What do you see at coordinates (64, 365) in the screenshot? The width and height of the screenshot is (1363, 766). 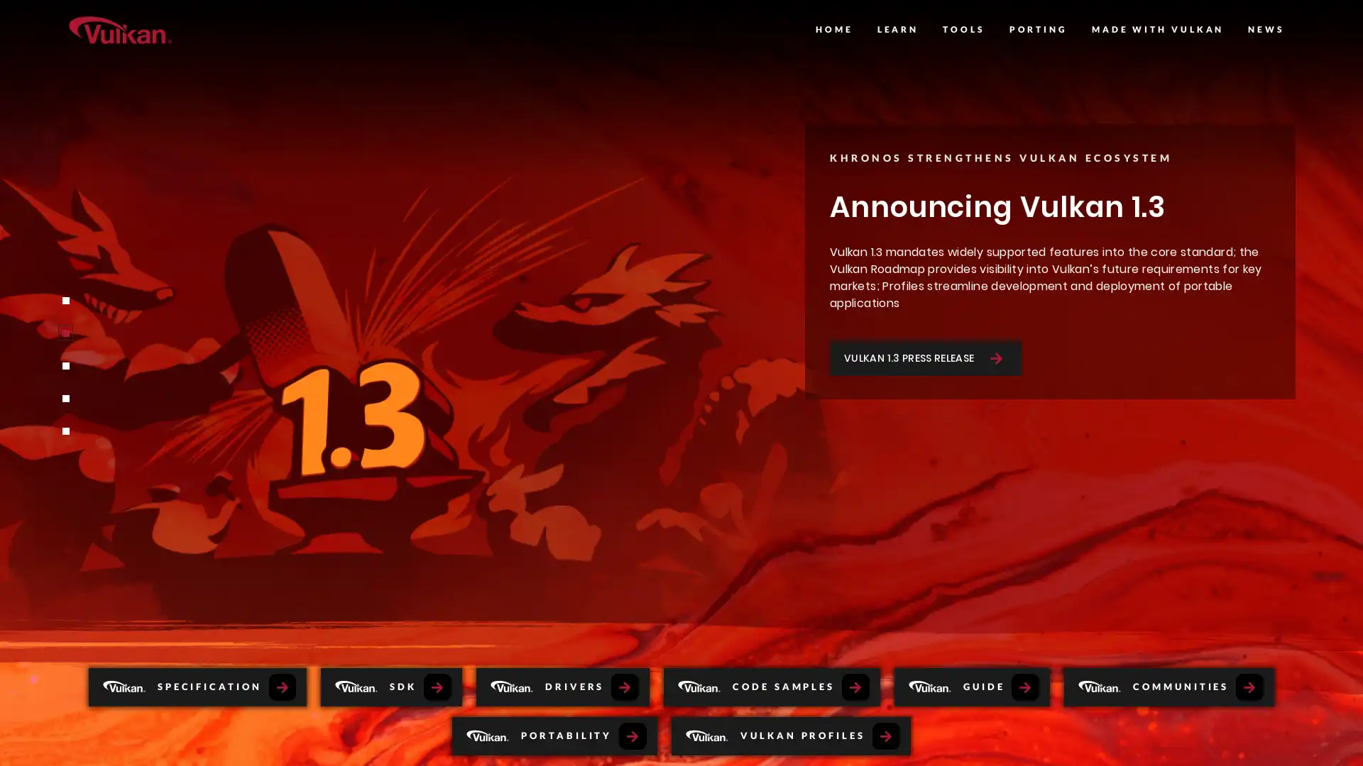 I see `3` at bounding box center [64, 365].